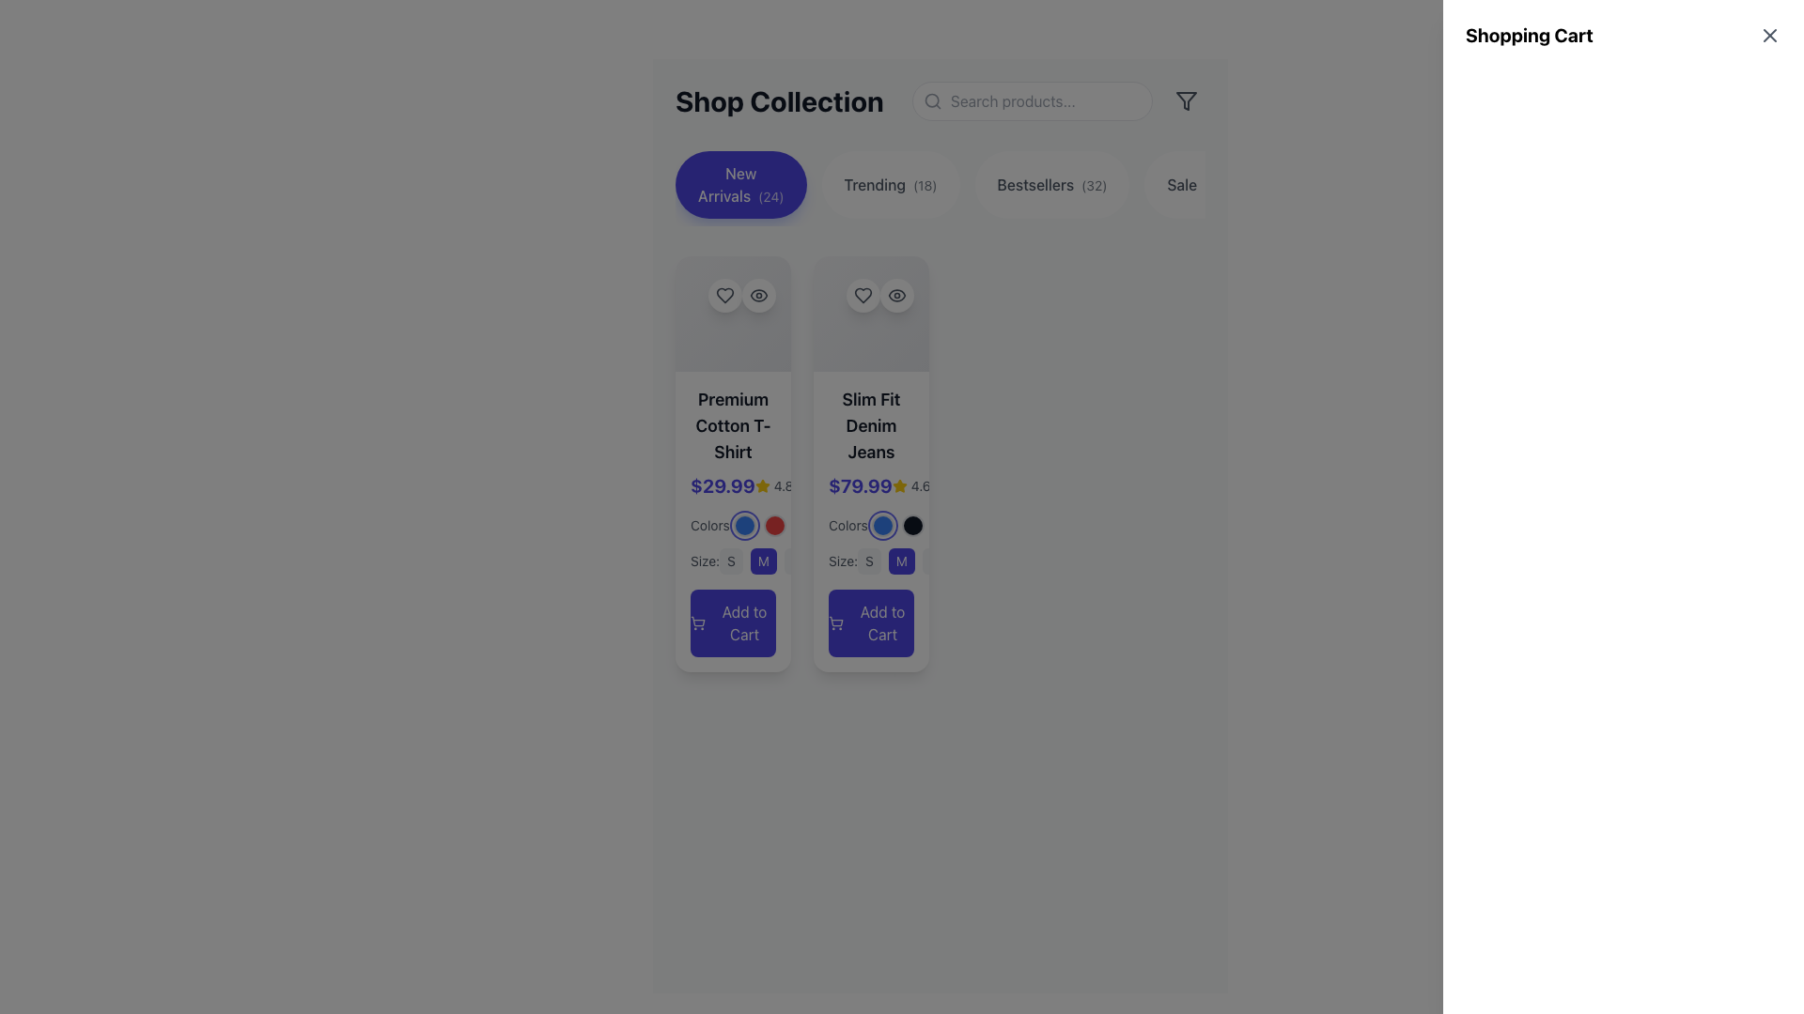 The image size is (1804, 1014). What do you see at coordinates (697, 622) in the screenshot?
I see `the shopping cart icon located to the left of the 'Add to Cart' button` at bounding box center [697, 622].